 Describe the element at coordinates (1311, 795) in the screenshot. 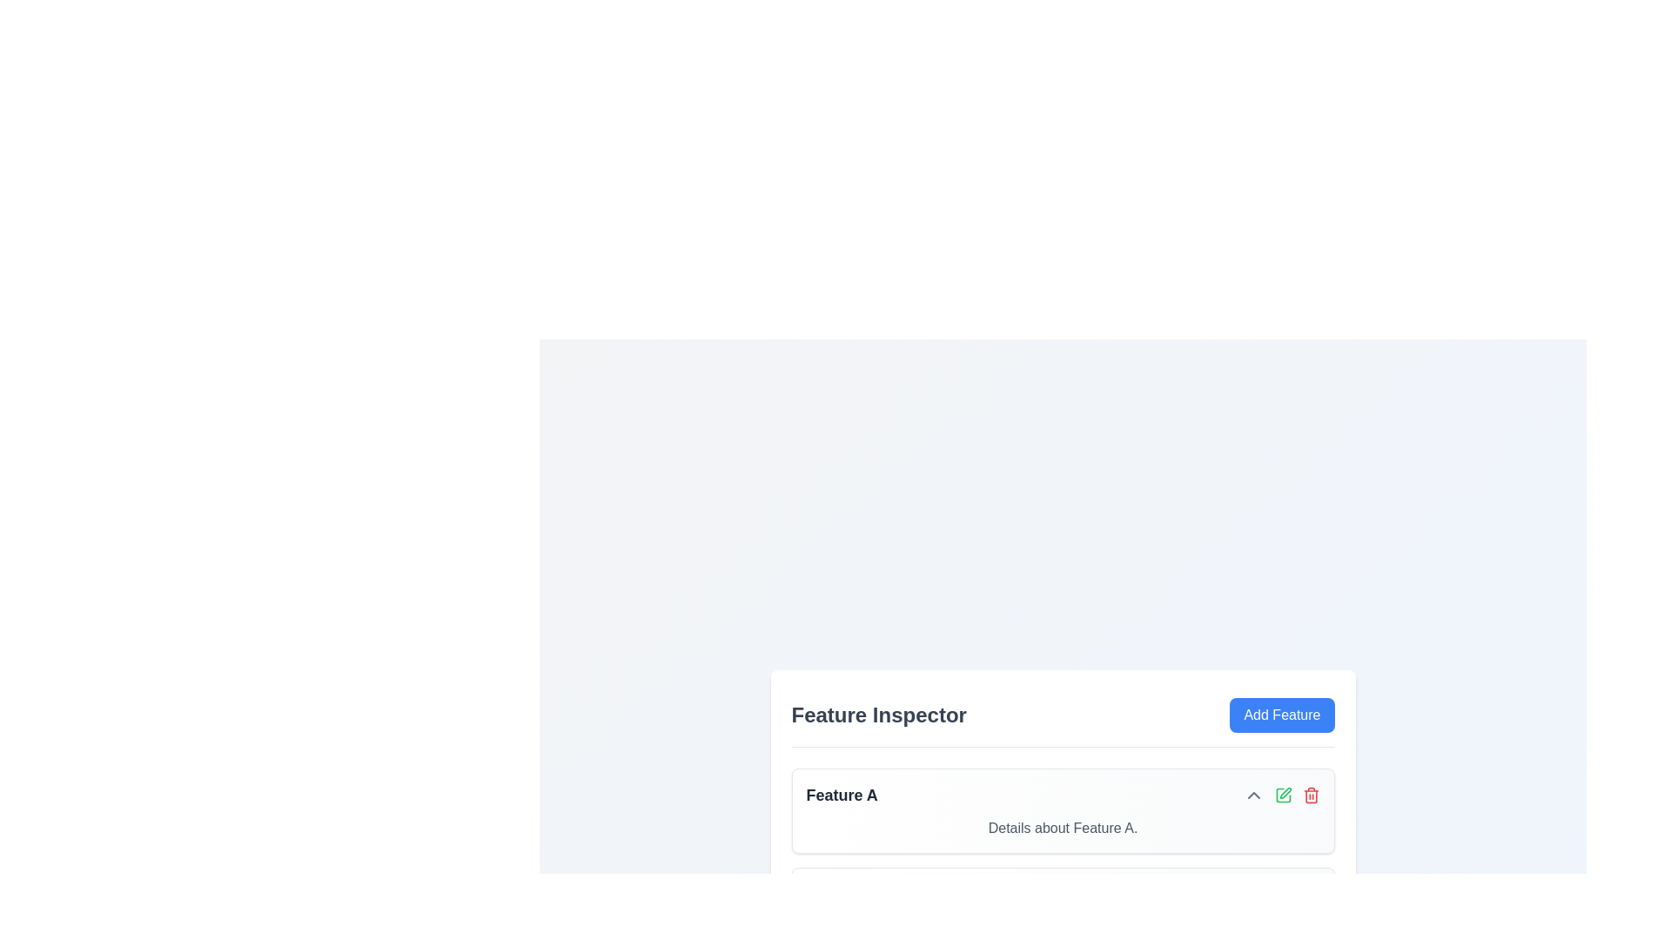

I see `the red trash bin icon button located at the far right of the feature list interface` at that location.